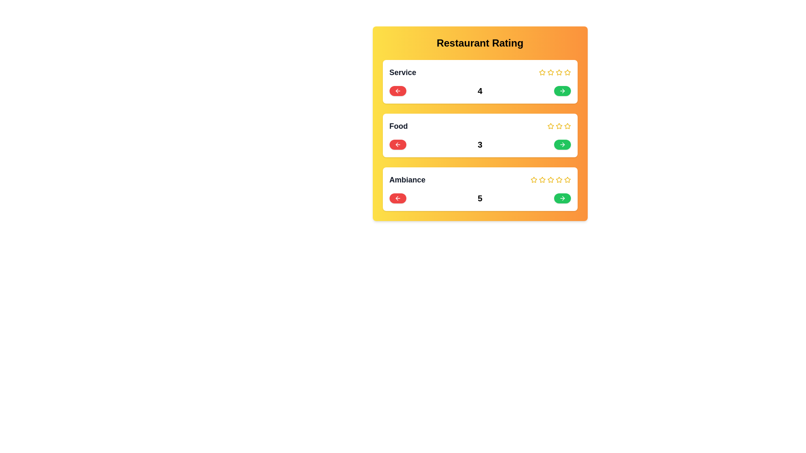 The height and width of the screenshot is (453, 806). I want to click on the centrally positioned Text Label that displays the current numeric value associated with the 'Service' rating, located in the first row of the layout, so click(480, 91).